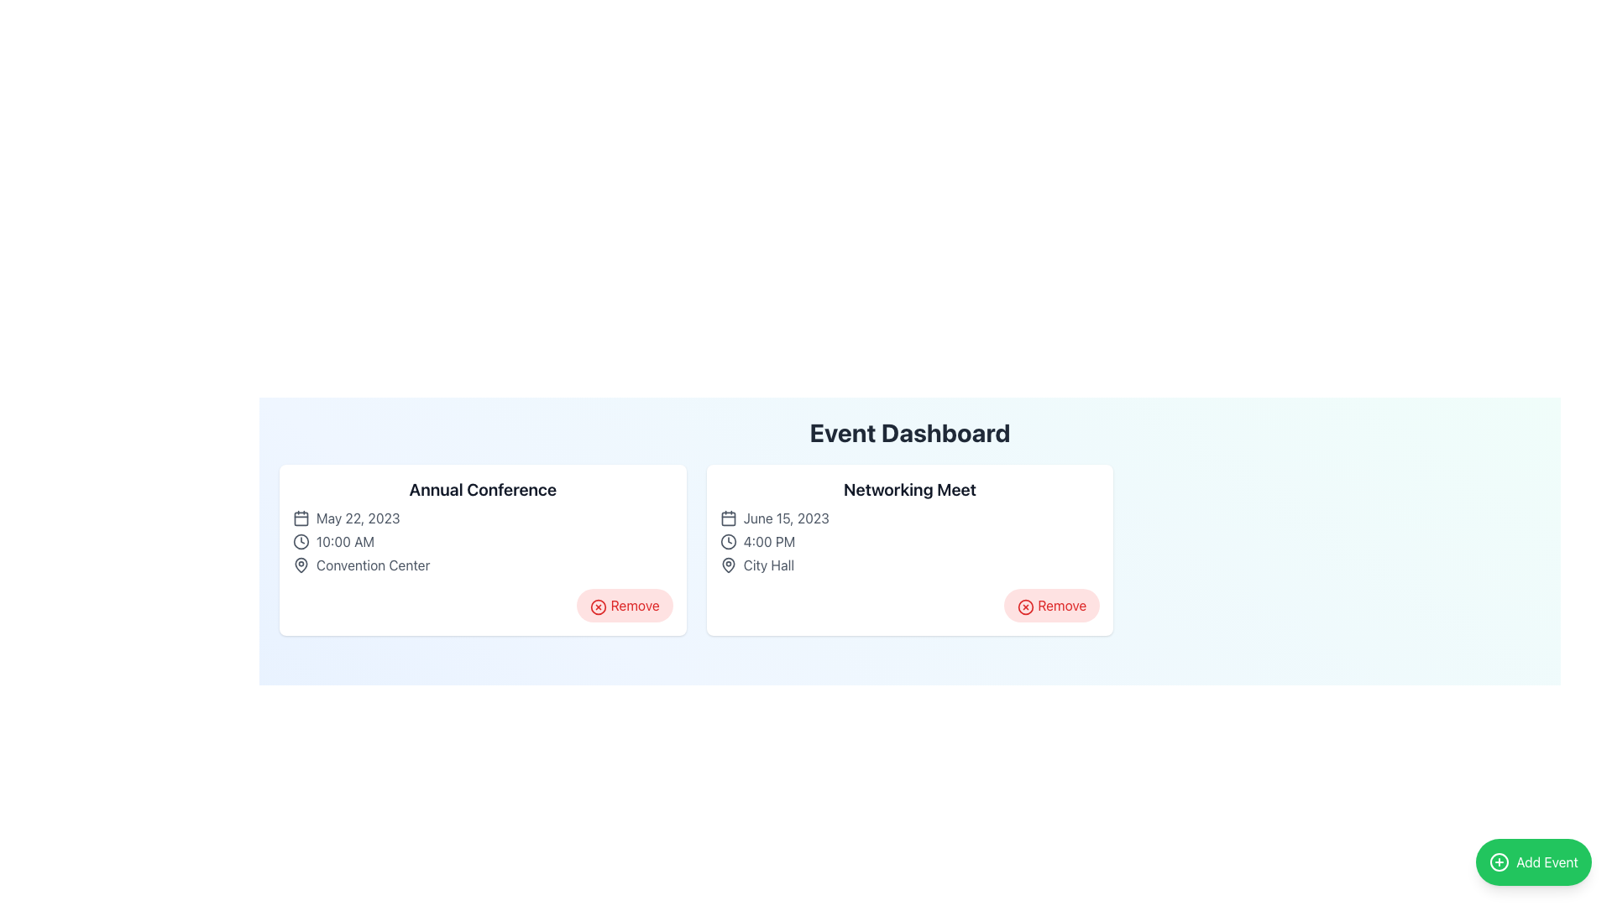 This screenshot has height=906, width=1612. Describe the element at coordinates (728, 565) in the screenshot. I see `the map pin icon located at the bottom of the 'Networking Meet' card, aligned with the location information 'City Hall'` at that location.